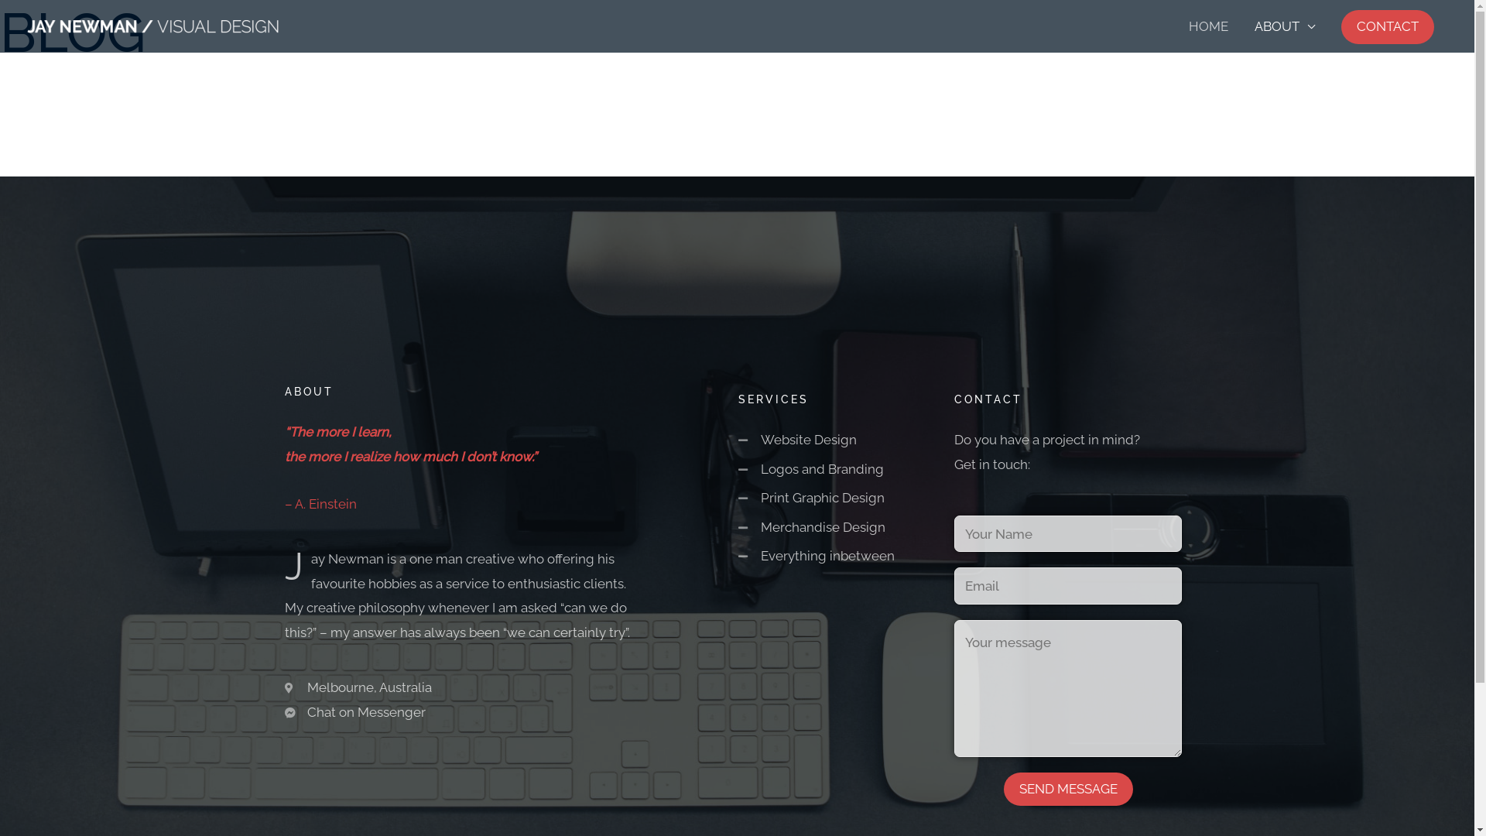 Image resolution: width=1486 pixels, height=836 pixels. Describe the element at coordinates (1207, 26) in the screenshot. I see `'HOME'` at that location.